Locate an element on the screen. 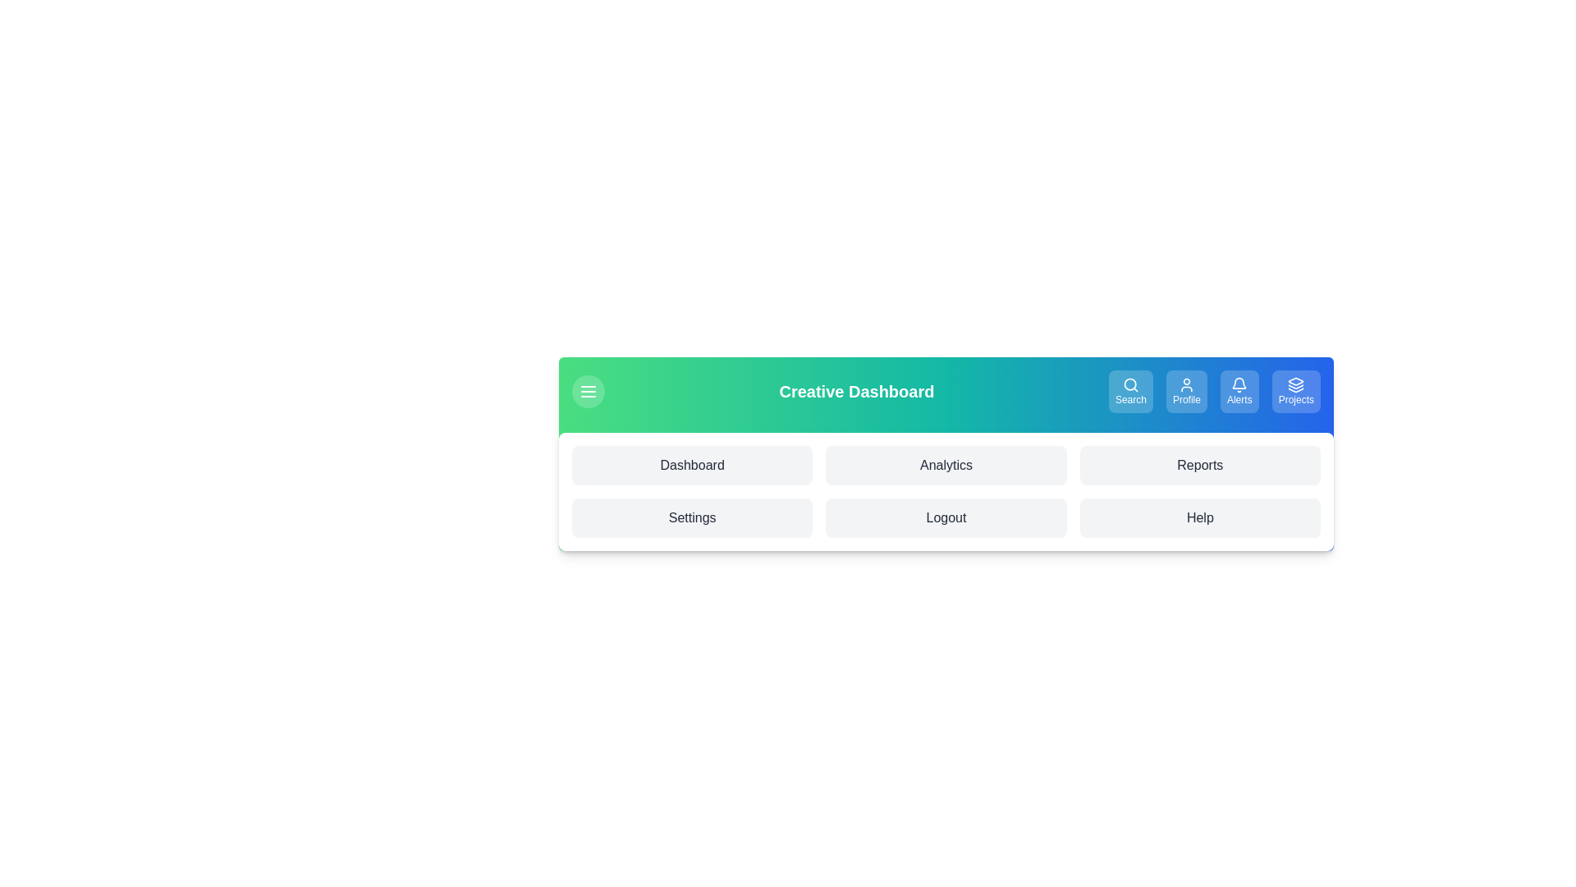 The height and width of the screenshot is (887, 1576). the 'Profile' button in the navigation bar is located at coordinates (1185, 392).